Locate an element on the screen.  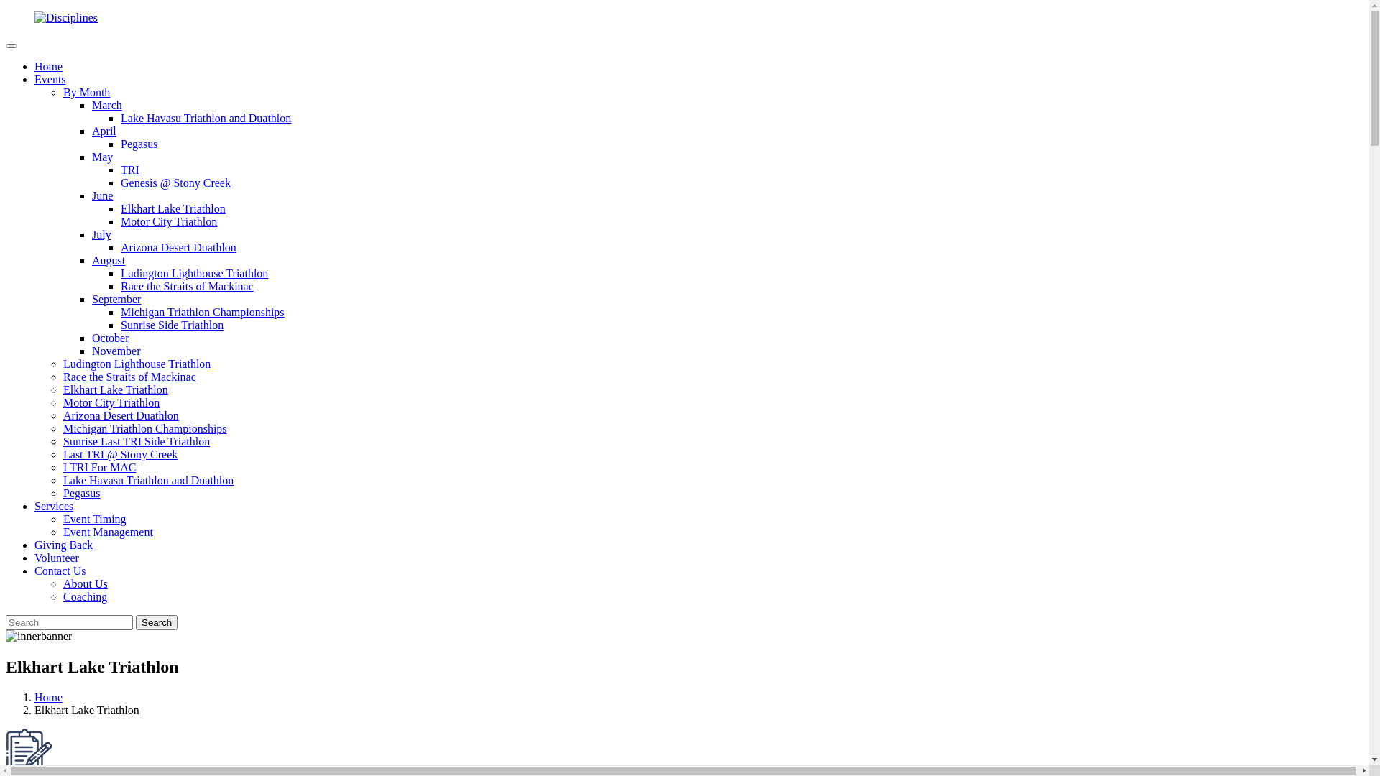
'Genesis @ Stony Creek' is located at coordinates (175, 182).